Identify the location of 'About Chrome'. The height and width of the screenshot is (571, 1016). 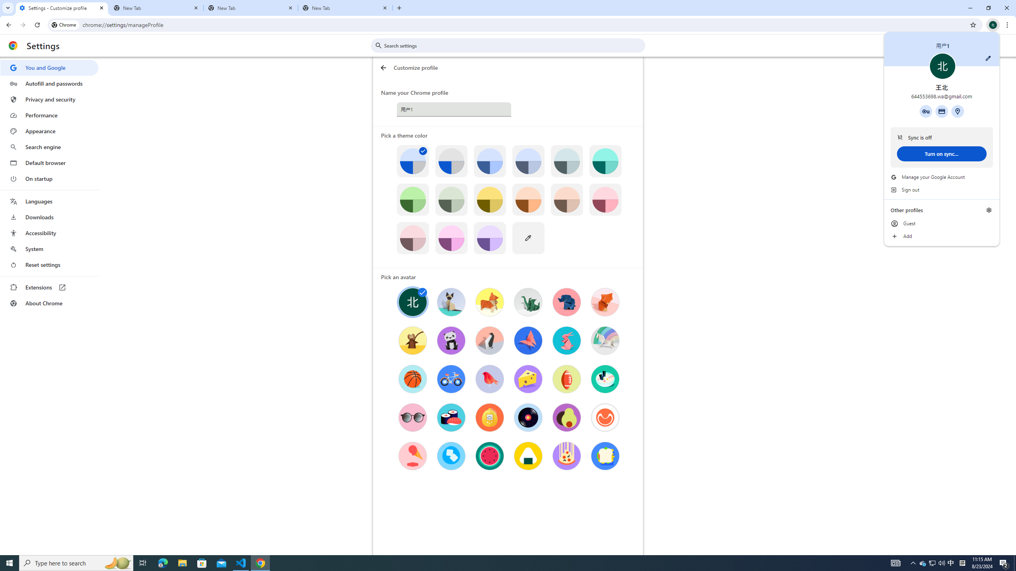
(49, 303).